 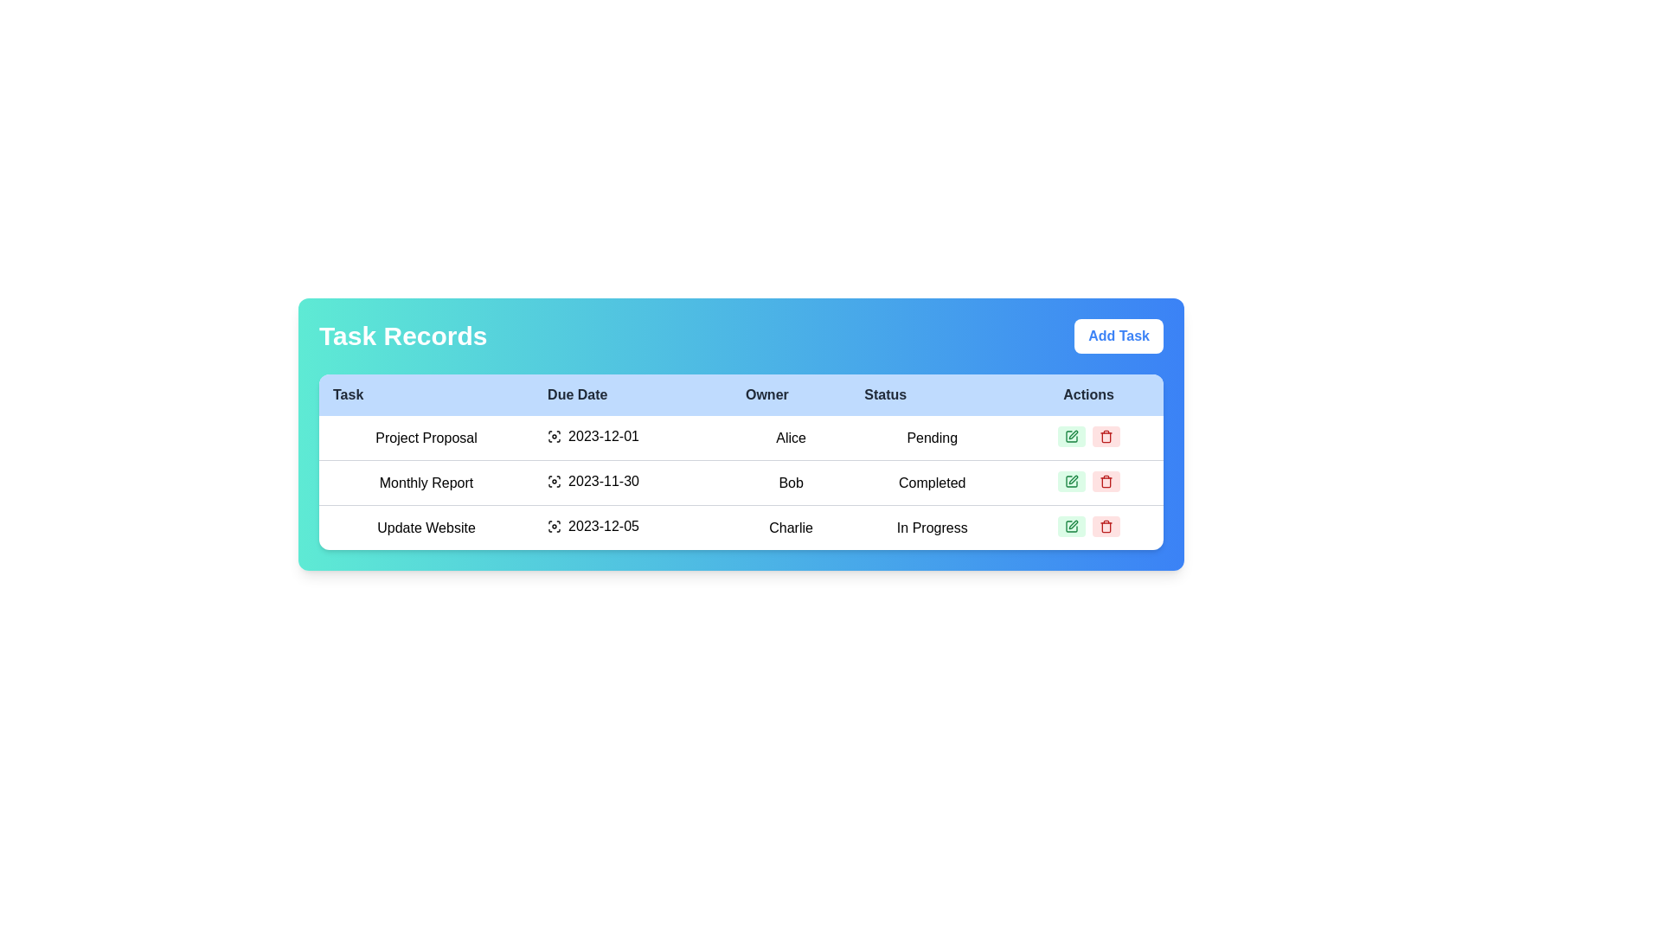 I want to click on the edit icon represented by a pen in the 'Actions' column of the third row for the task 'Update Website', so click(x=1072, y=523).